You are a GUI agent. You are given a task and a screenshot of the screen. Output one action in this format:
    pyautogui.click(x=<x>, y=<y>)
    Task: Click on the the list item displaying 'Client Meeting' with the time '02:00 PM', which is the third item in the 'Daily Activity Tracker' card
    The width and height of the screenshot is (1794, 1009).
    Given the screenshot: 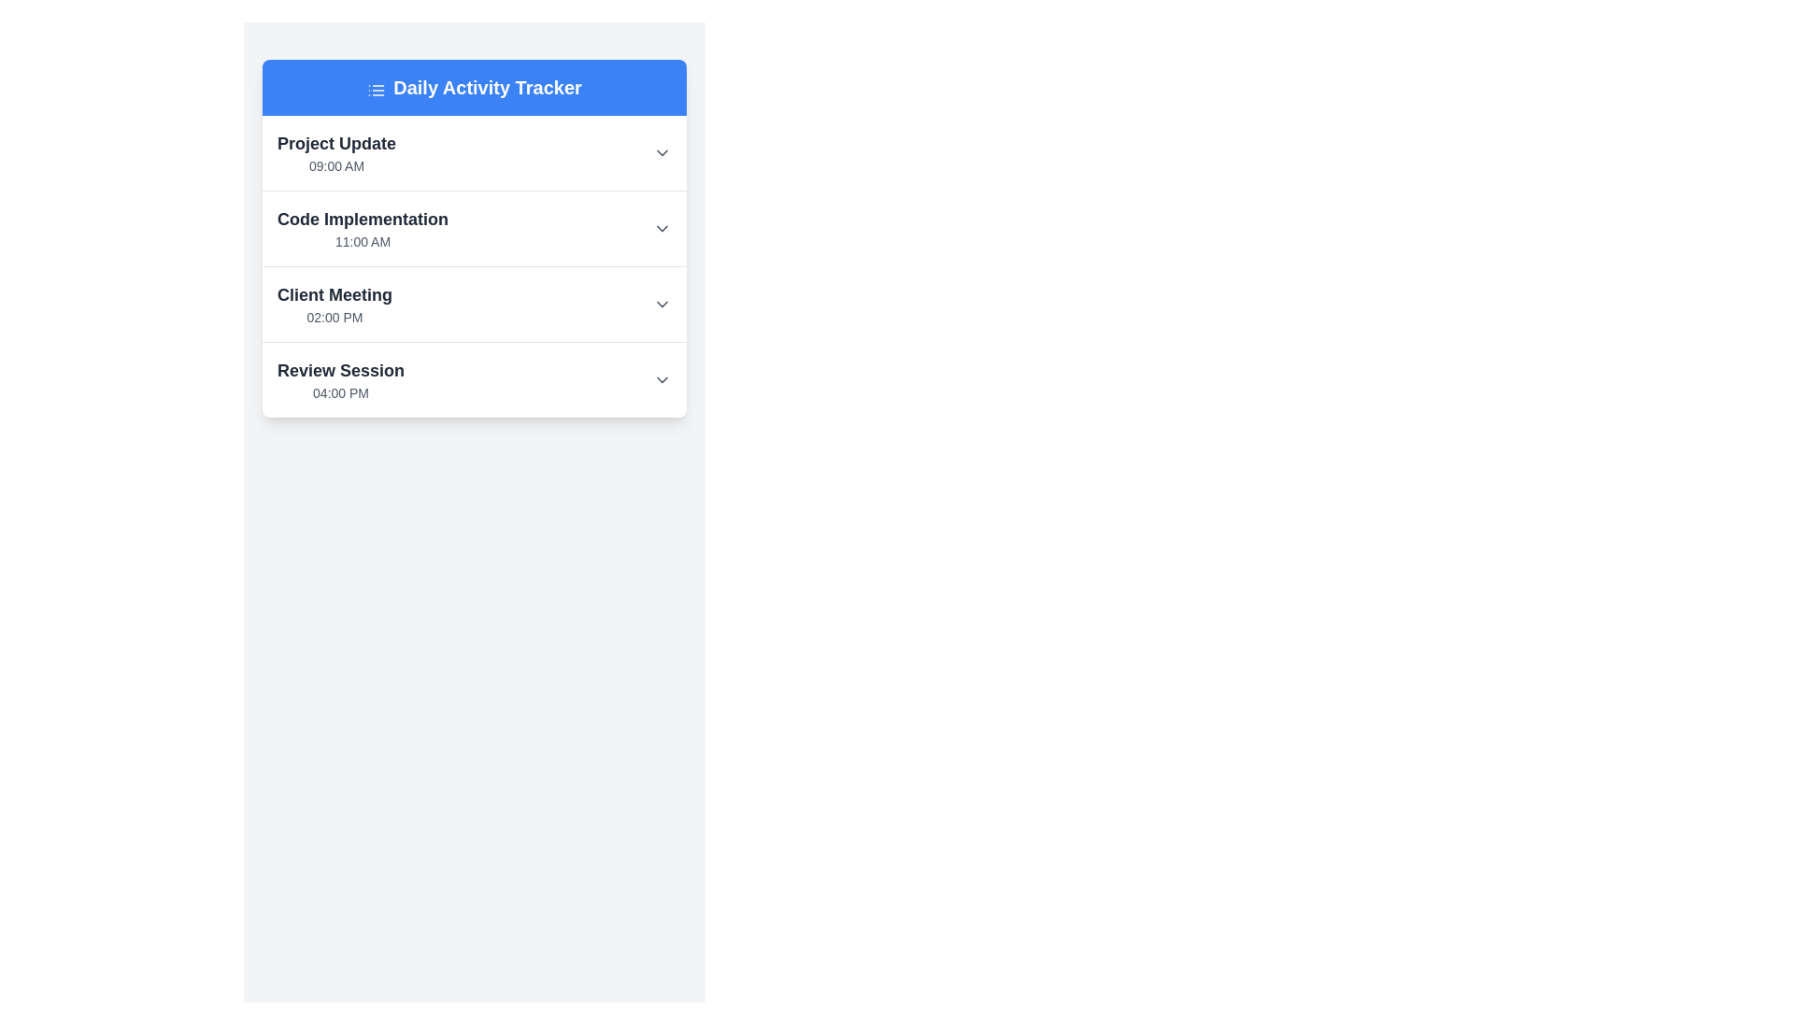 What is the action you would take?
    pyautogui.click(x=335, y=304)
    